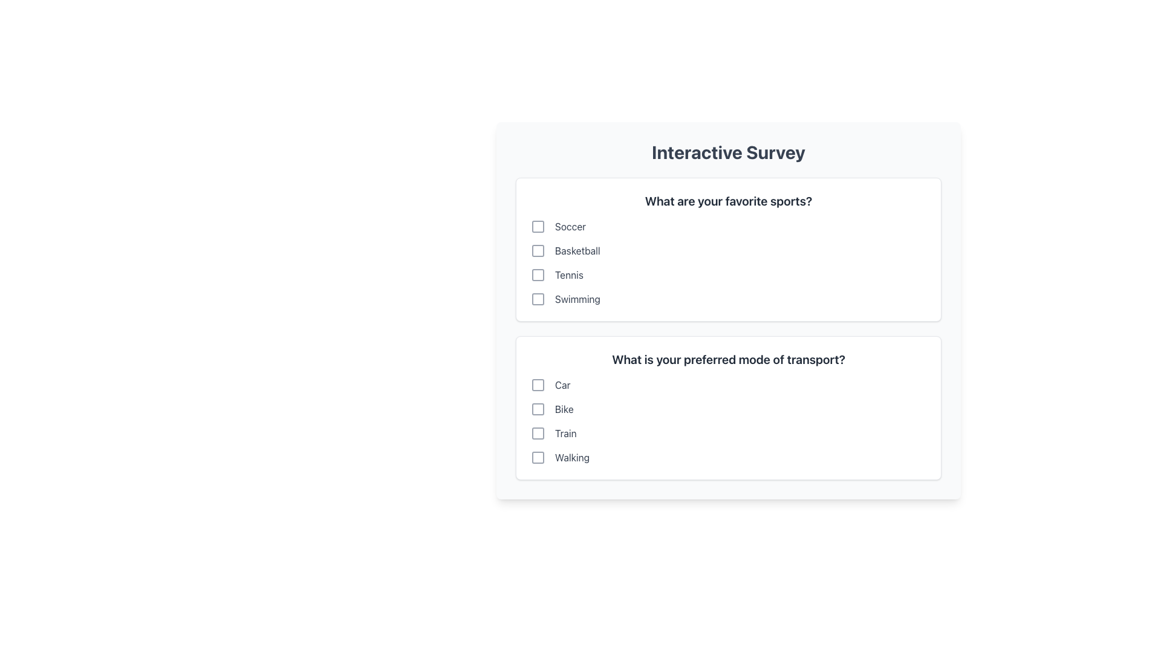  I want to click on the text label indicating an option in the survey form located below the 'Car' option and above the 'Train' option, which is part of the transport modes list, so click(564, 409).